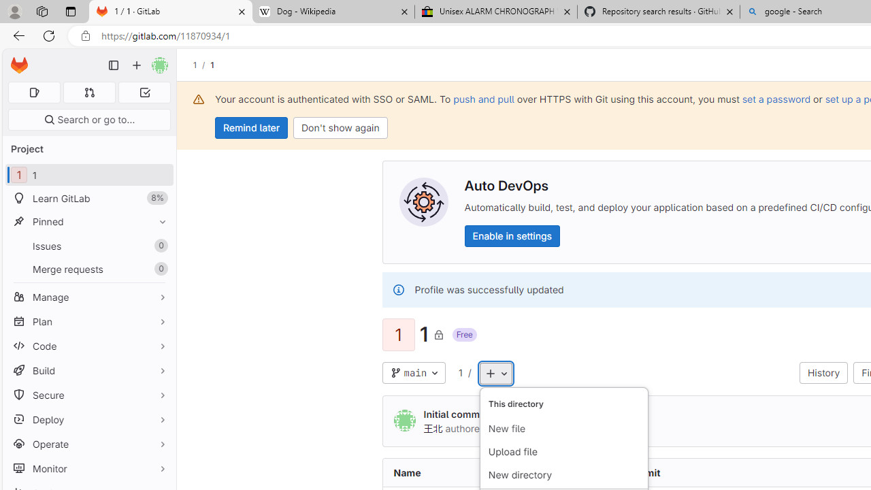  Describe the element at coordinates (563, 438) in the screenshot. I see `'New fileUpload fileNew directory'` at that location.